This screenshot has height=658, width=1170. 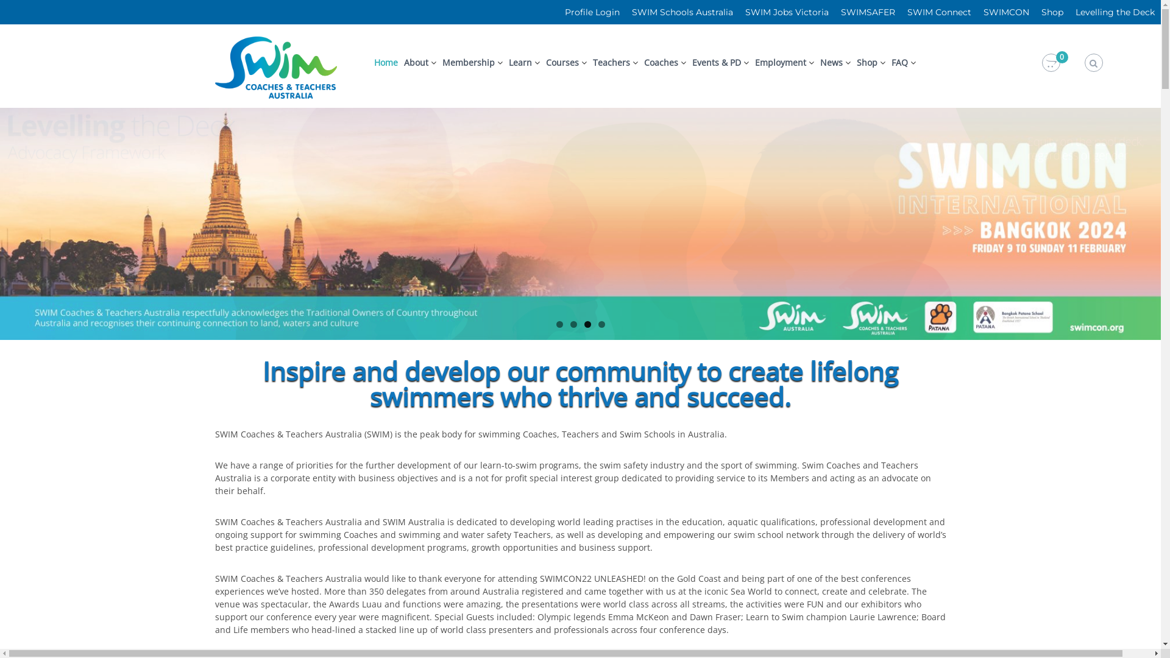 What do you see at coordinates (977, 12) in the screenshot?
I see `'SWIMCON'` at bounding box center [977, 12].